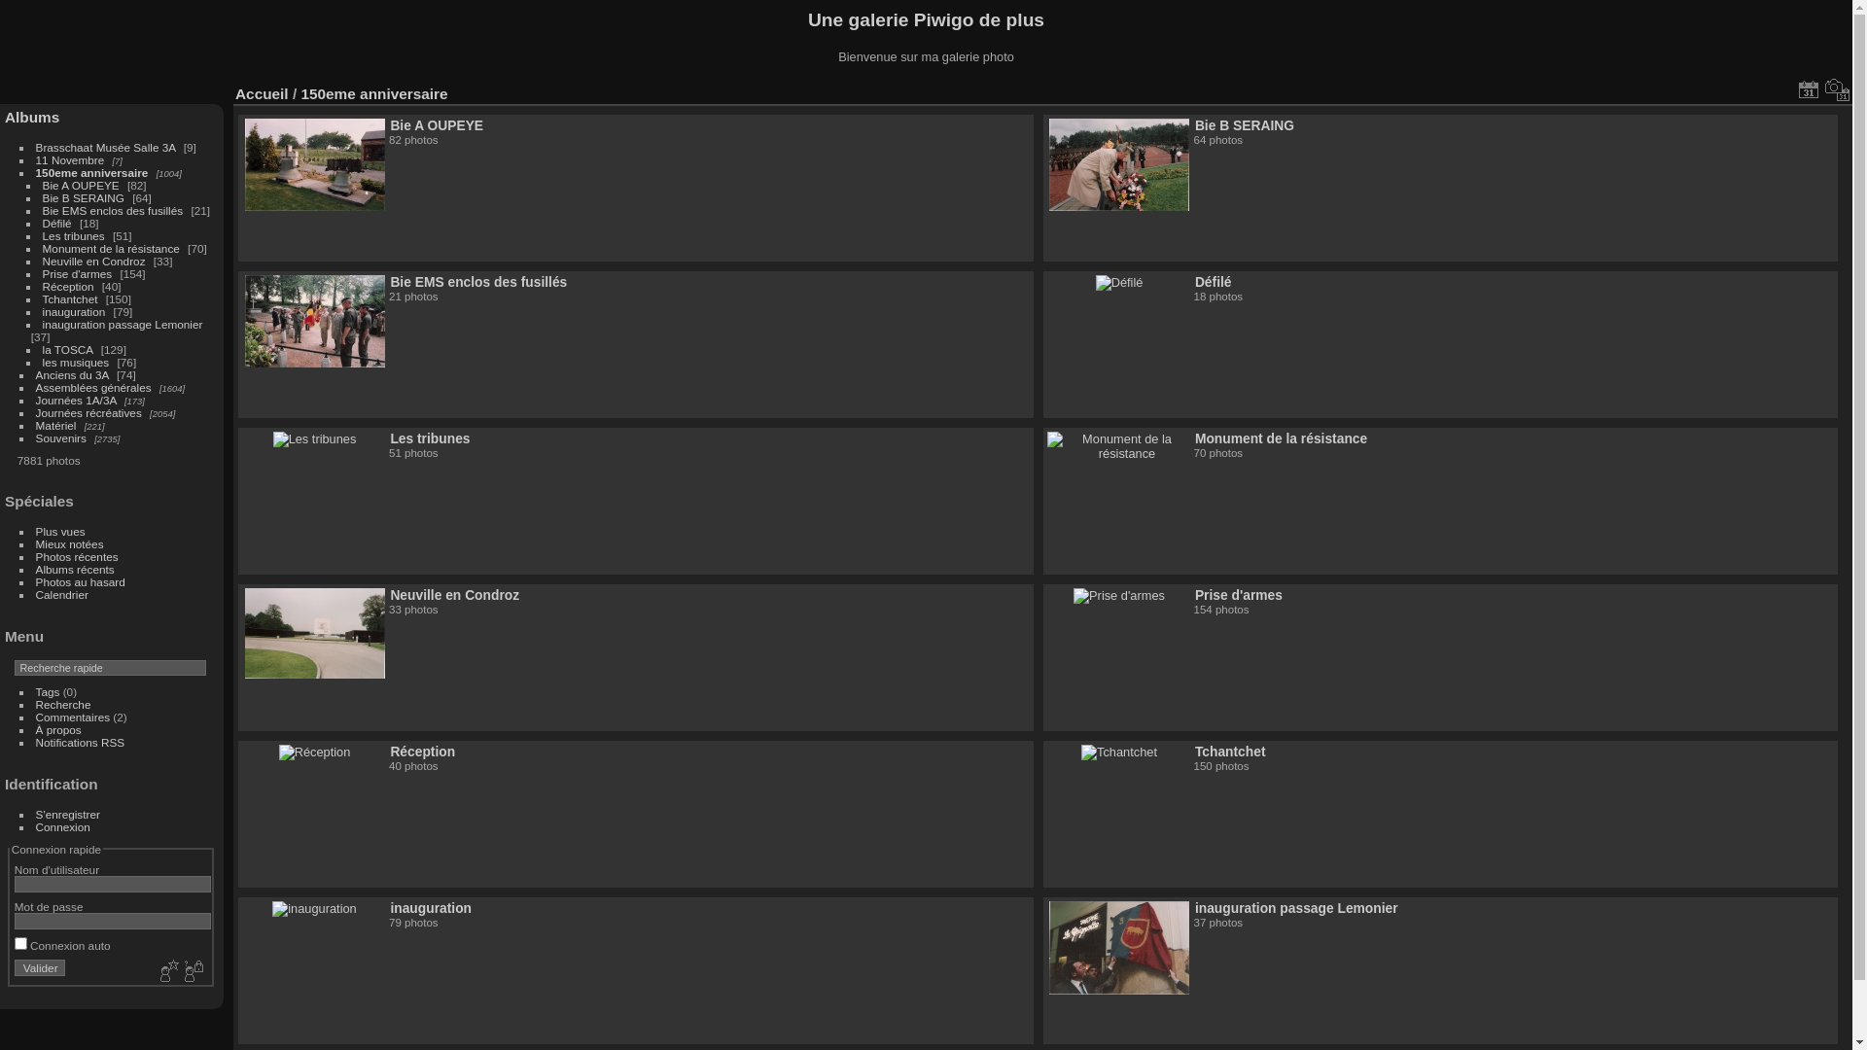 Image resolution: width=1867 pixels, height=1050 pixels. What do you see at coordinates (42, 310) in the screenshot?
I see `'inauguration'` at bounding box center [42, 310].